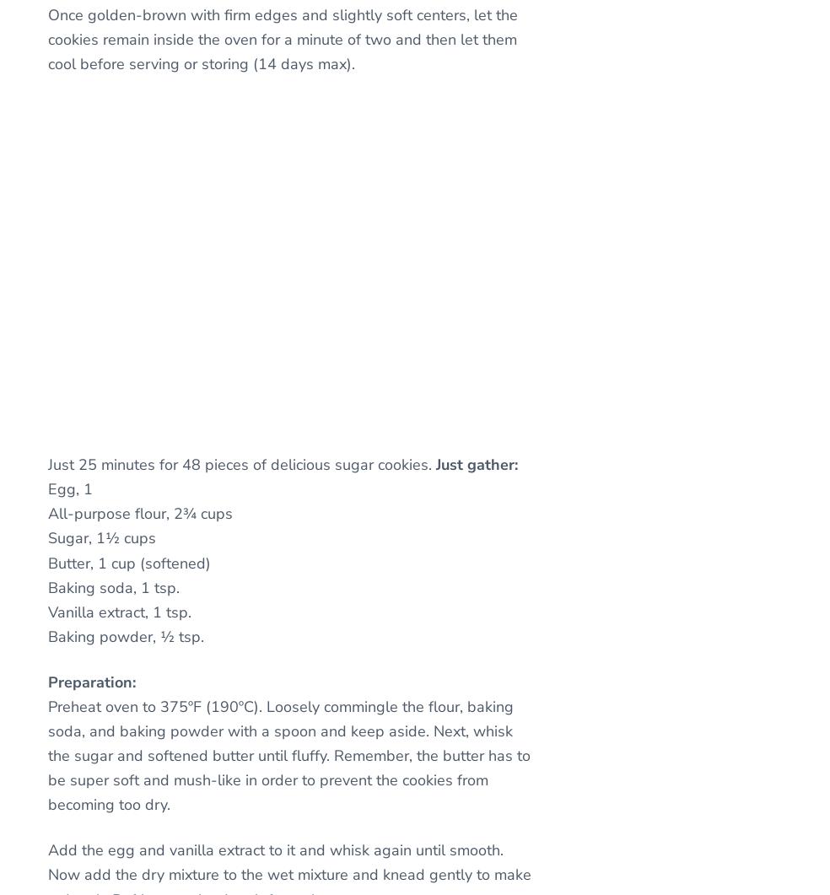 The image size is (830, 895). What do you see at coordinates (114, 586) in the screenshot?
I see `'Baking soda, 1 tsp.'` at bounding box center [114, 586].